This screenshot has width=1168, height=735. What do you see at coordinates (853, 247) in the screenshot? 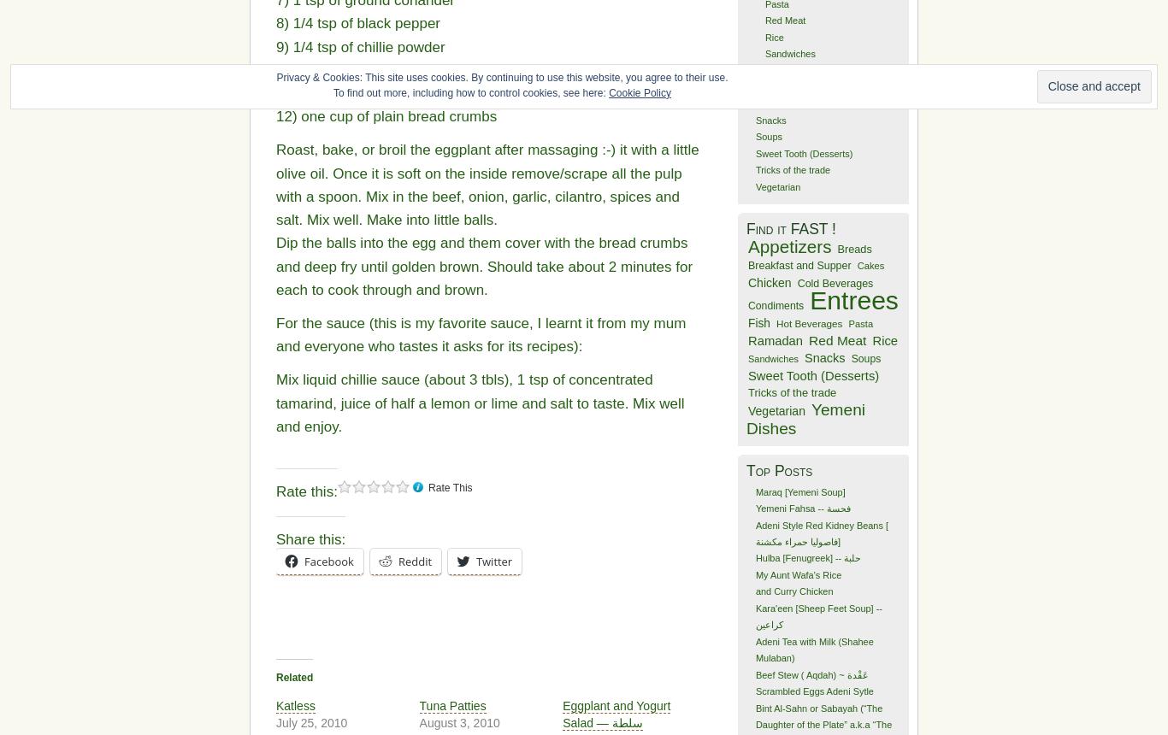
I see `'Breads'` at bounding box center [853, 247].